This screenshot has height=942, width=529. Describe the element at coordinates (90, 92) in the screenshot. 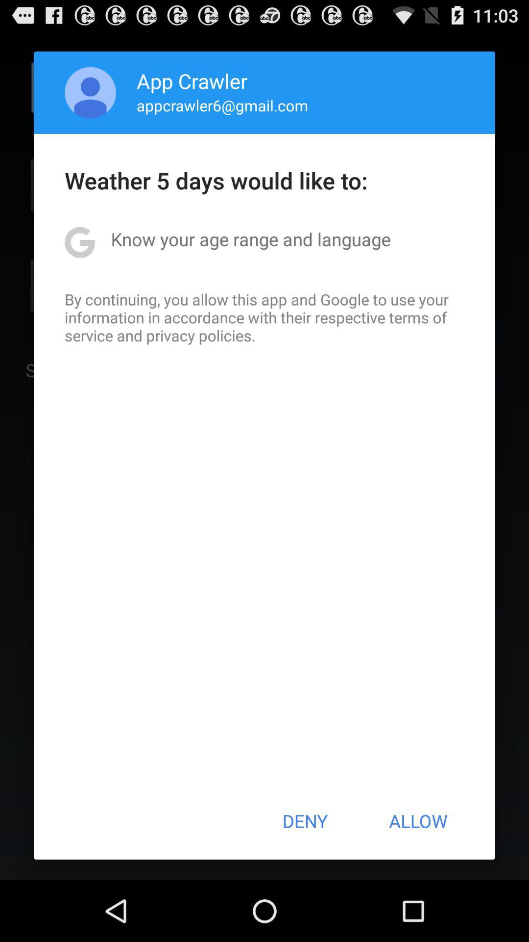

I see `the icon next to app crawler app` at that location.